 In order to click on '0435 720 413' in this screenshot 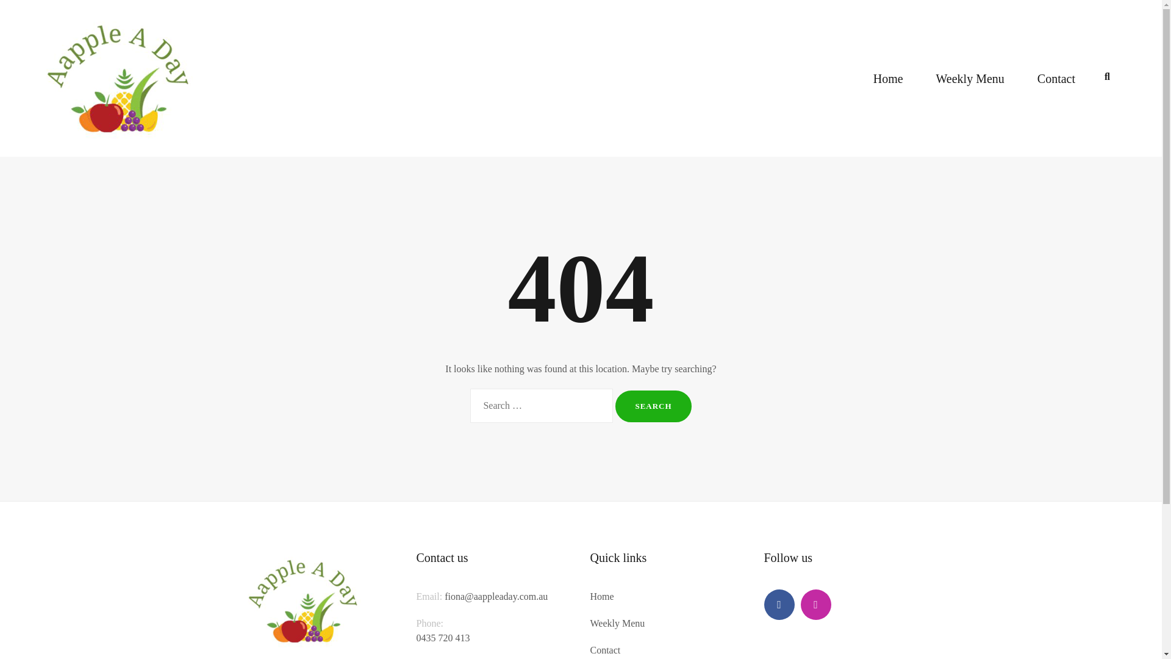, I will do `click(442, 644)`.